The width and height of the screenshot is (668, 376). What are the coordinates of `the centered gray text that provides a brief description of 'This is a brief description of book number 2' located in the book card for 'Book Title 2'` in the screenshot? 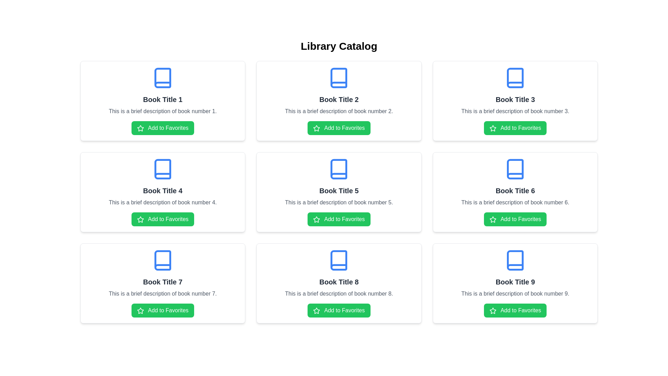 It's located at (339, 111).